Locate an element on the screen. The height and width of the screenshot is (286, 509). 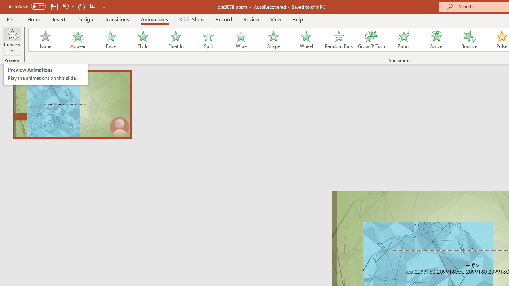
'Shape' is located at coordinates (274, 40).